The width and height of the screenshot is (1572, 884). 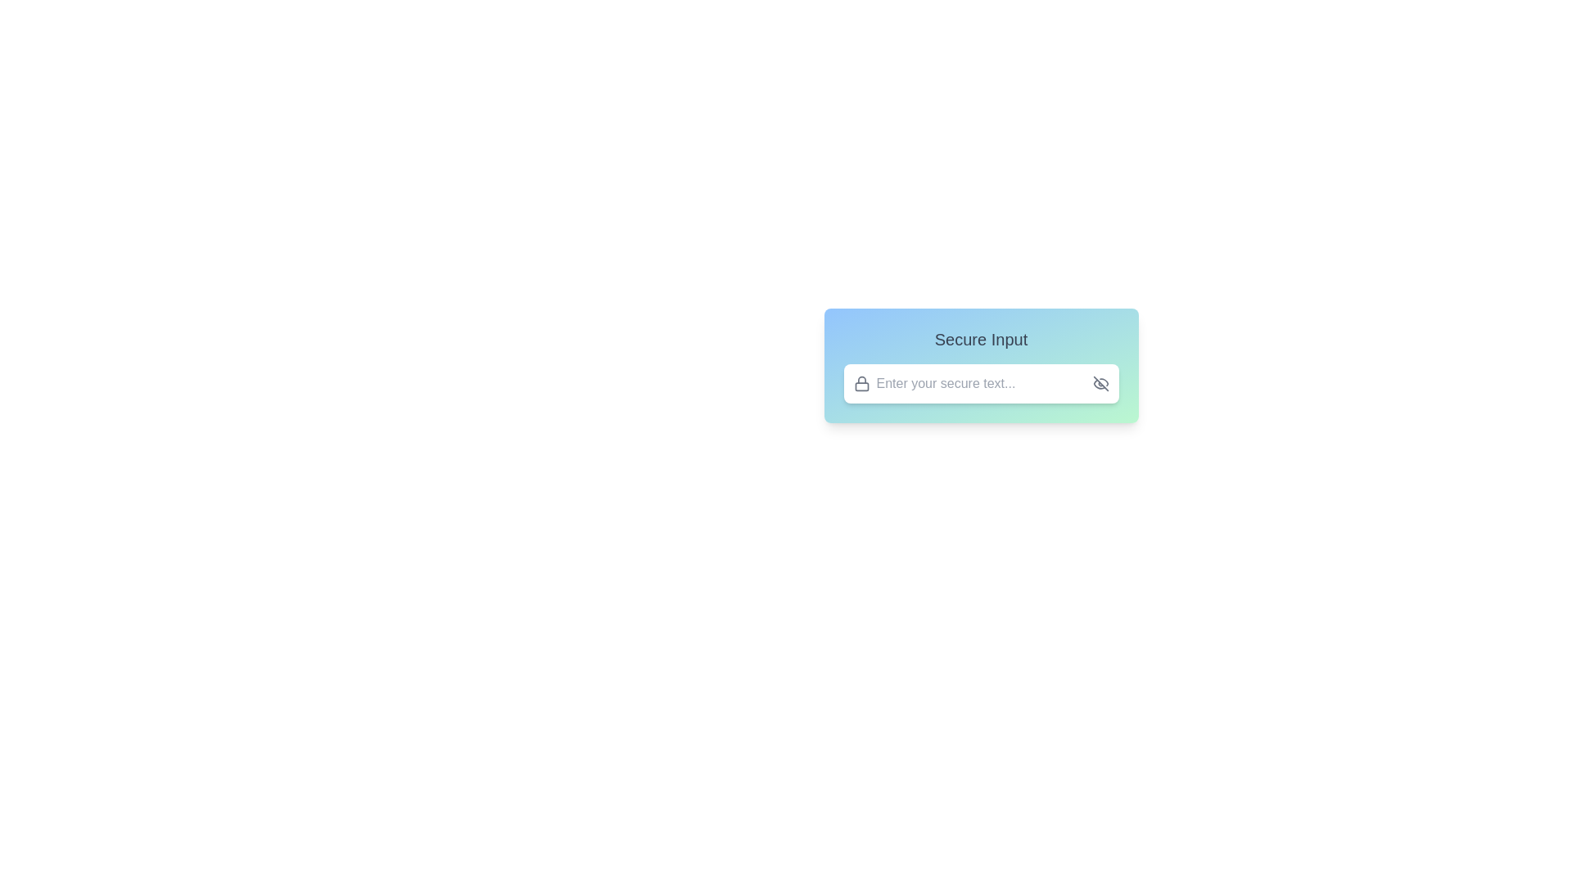 What do you see at coordinates (861, 384) in the screenshot?
I see `the decorative icon that indicates the input field is for secure or password-related information, located to the left of the password input field` at bounding box center [861, 384].